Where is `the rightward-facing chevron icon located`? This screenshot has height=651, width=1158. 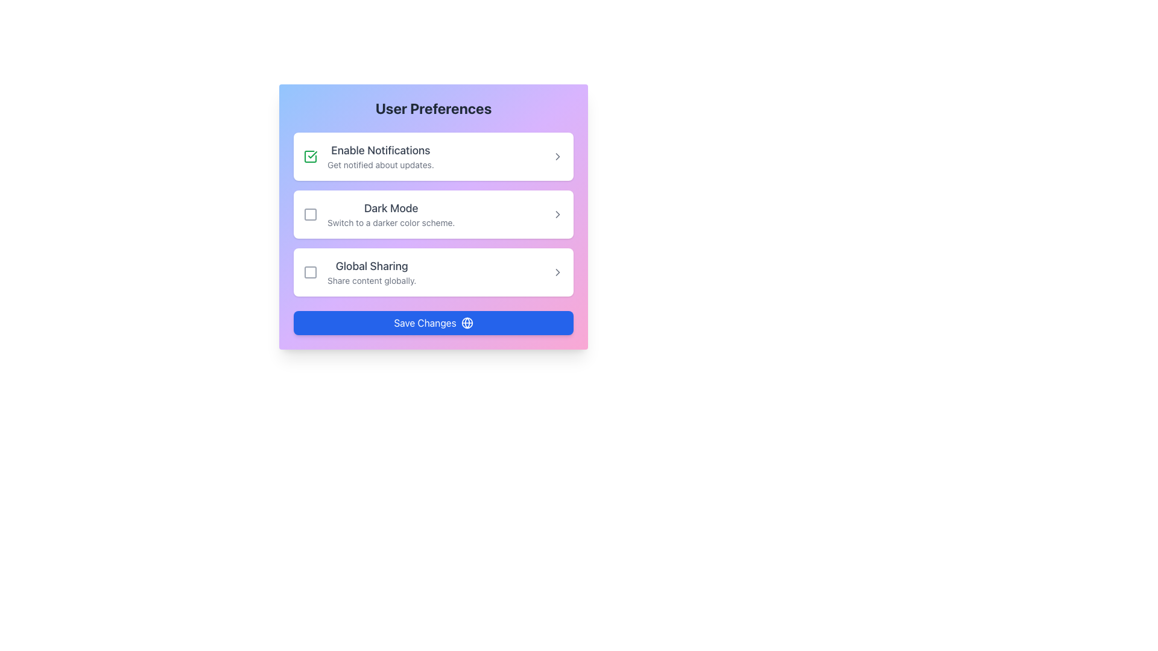 the rightward-facing chevron icon located is located at coordinates (557, 156).